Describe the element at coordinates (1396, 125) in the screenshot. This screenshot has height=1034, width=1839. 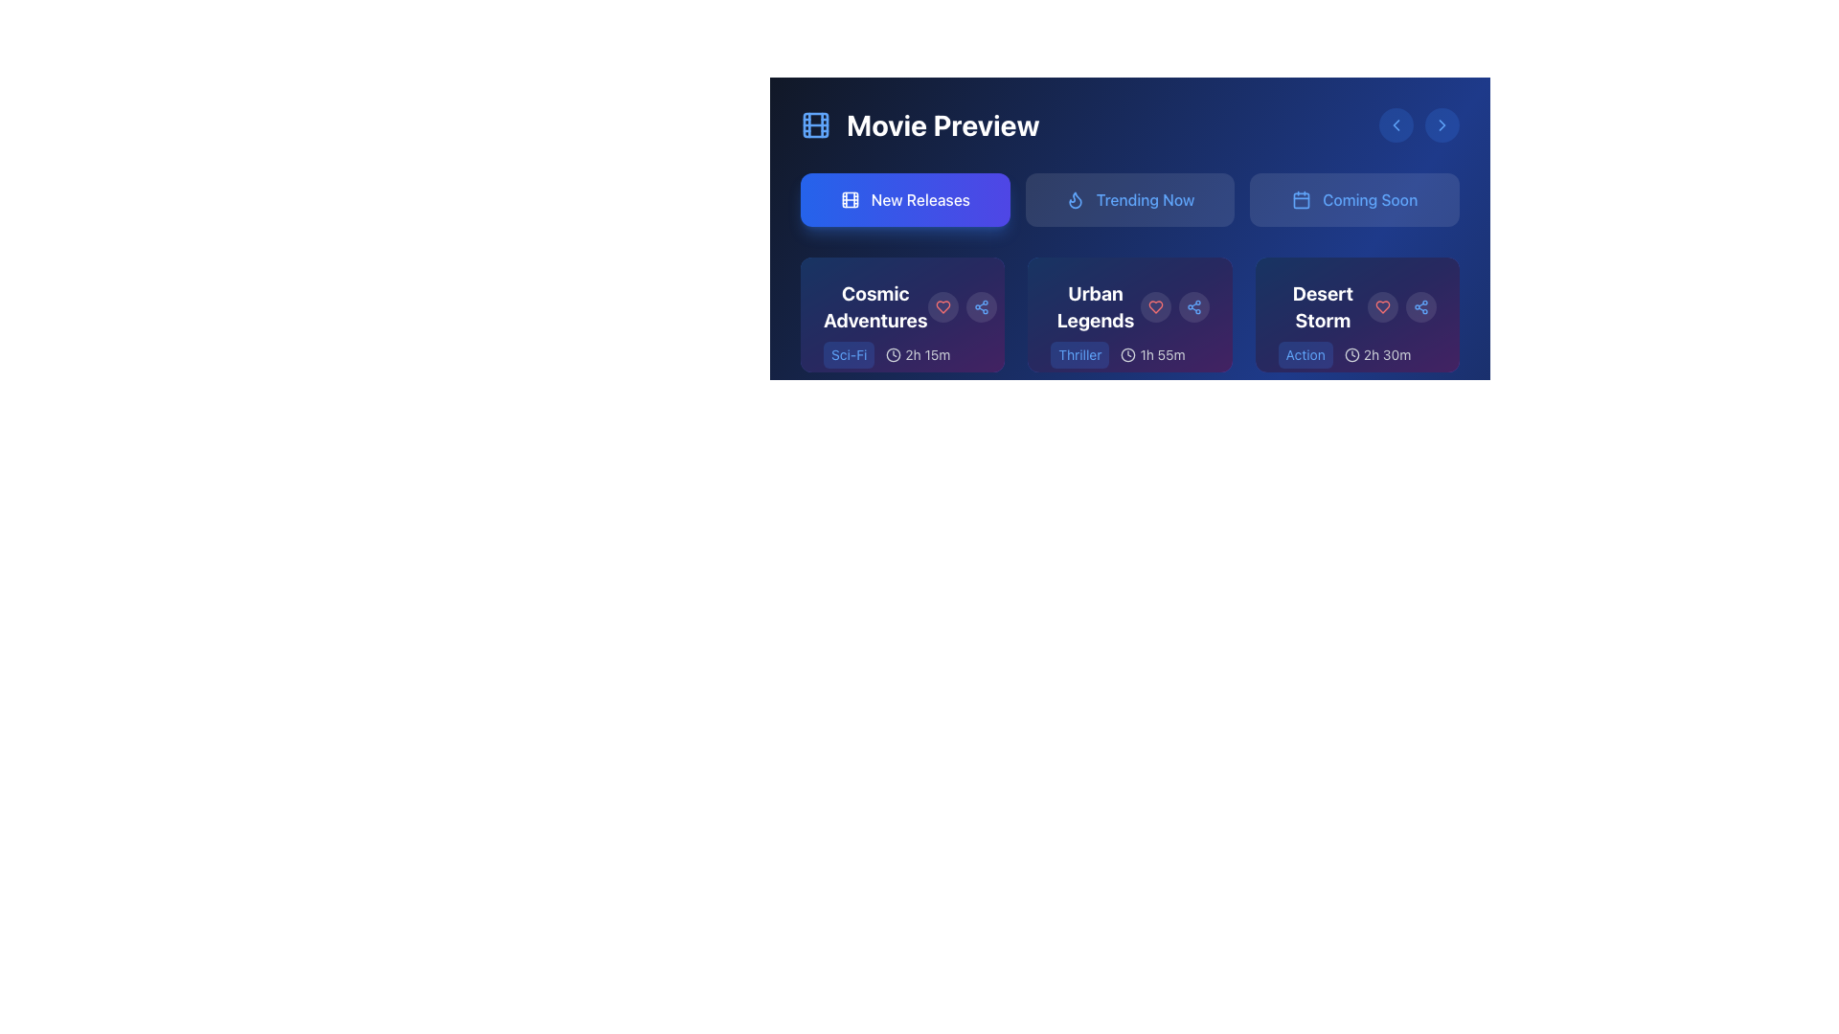
I see `the circular blue button with a leftward-pointing chevron icon` at that location.